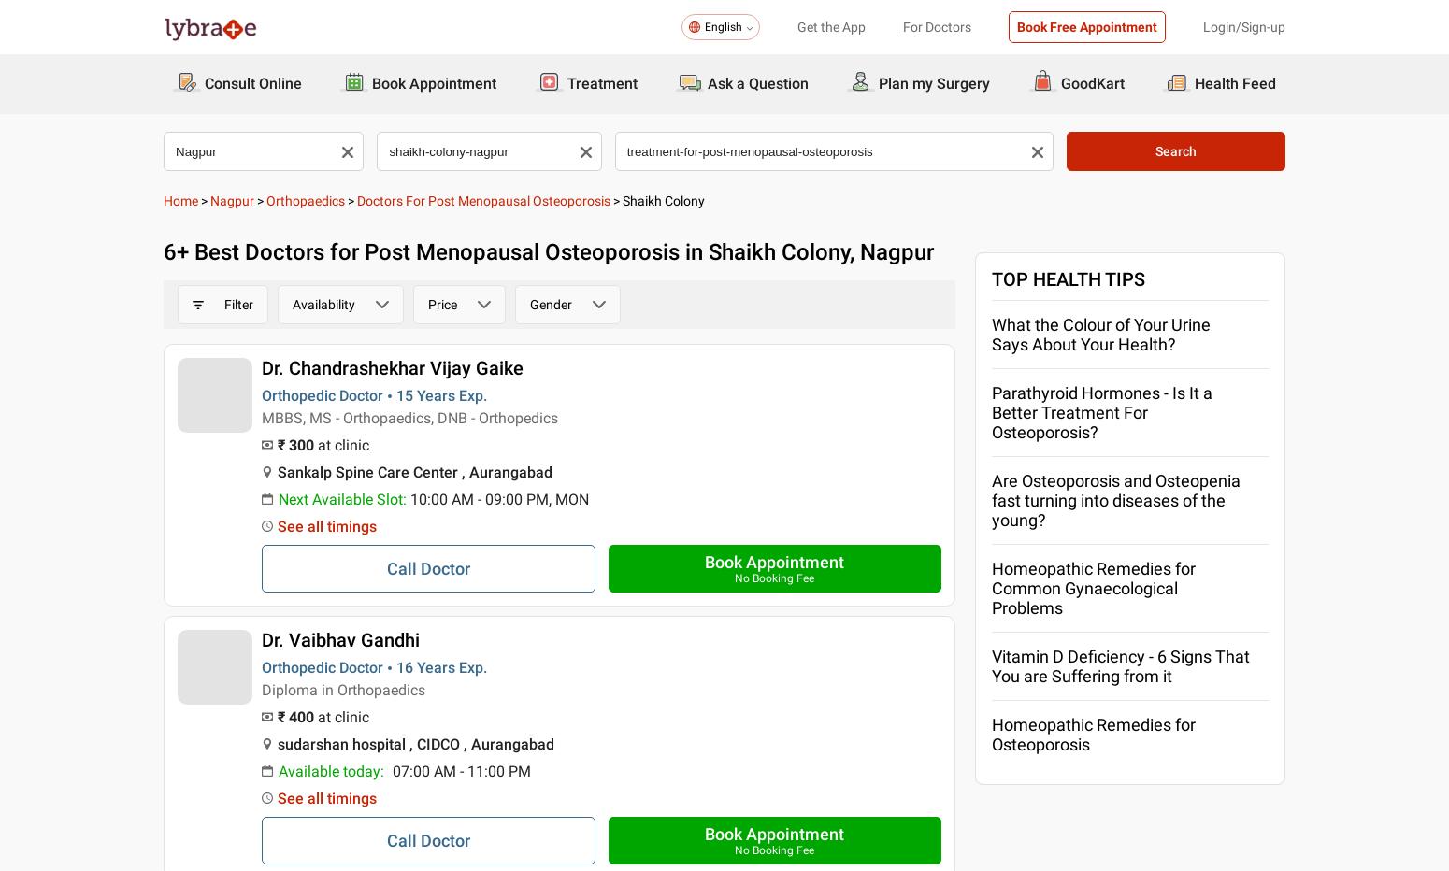  I want to click on '07:00 AM - 11:00 PM', so click(460, 770).